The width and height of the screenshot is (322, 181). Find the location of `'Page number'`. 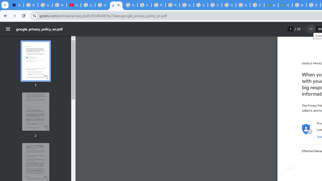

'Page number' is located at coordinates (291, 29).